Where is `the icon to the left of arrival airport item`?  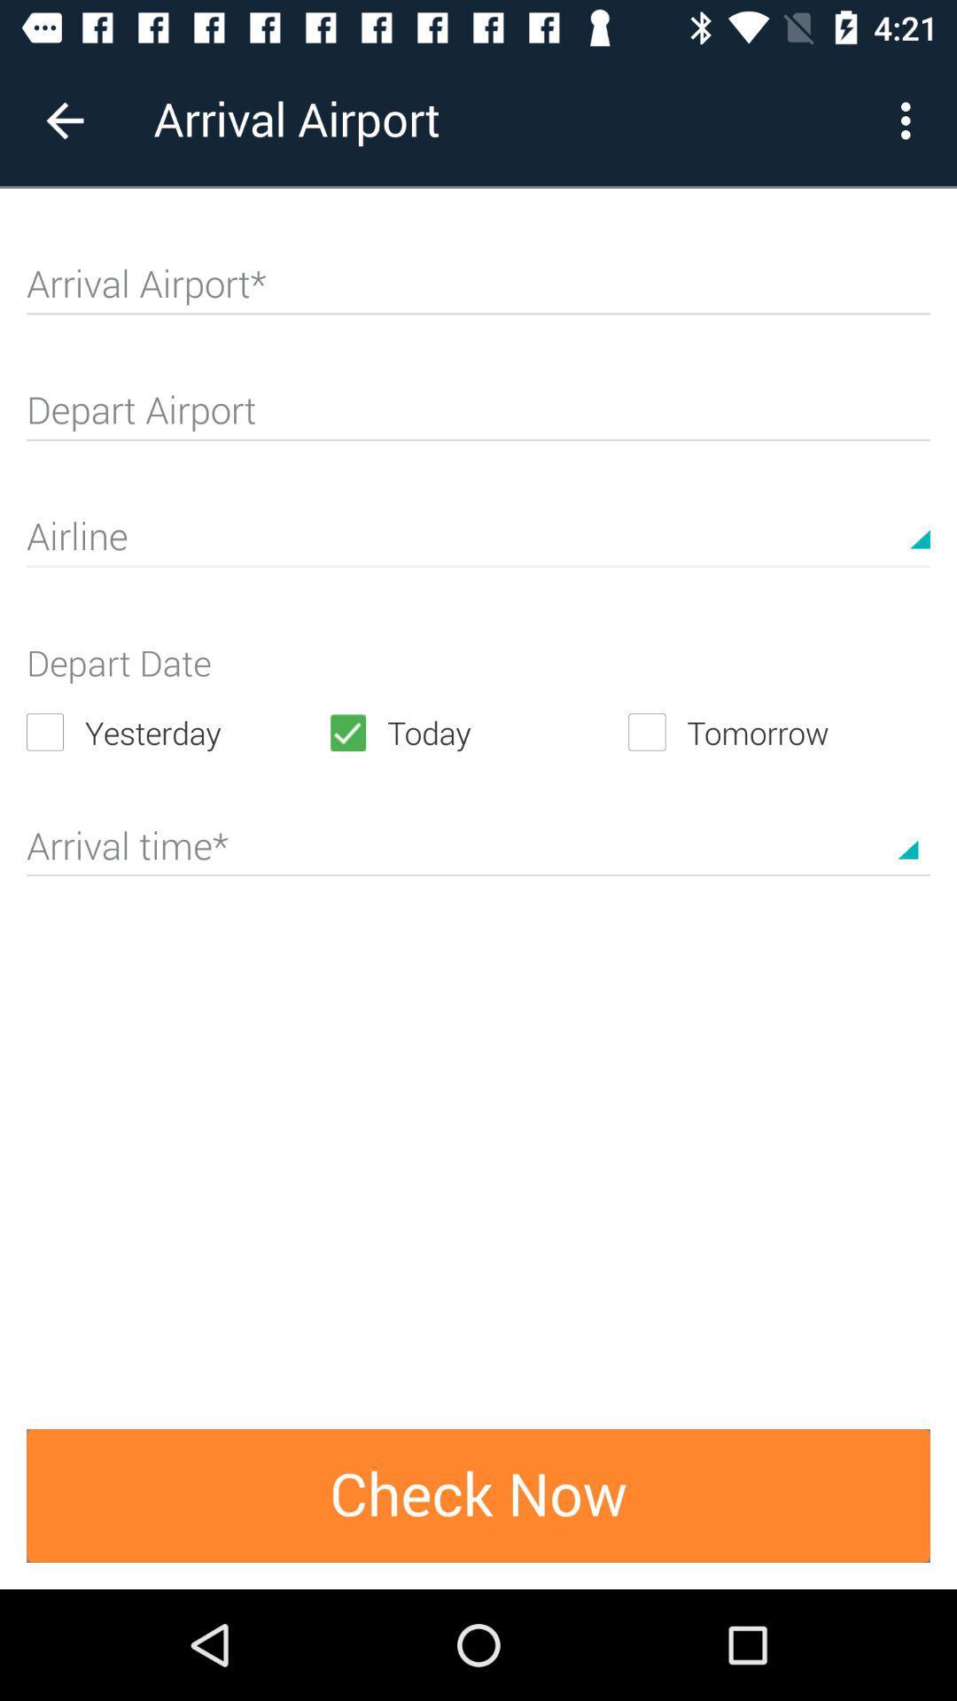 the icon to the left of arrival airport item is located at coordinates (64, 120).